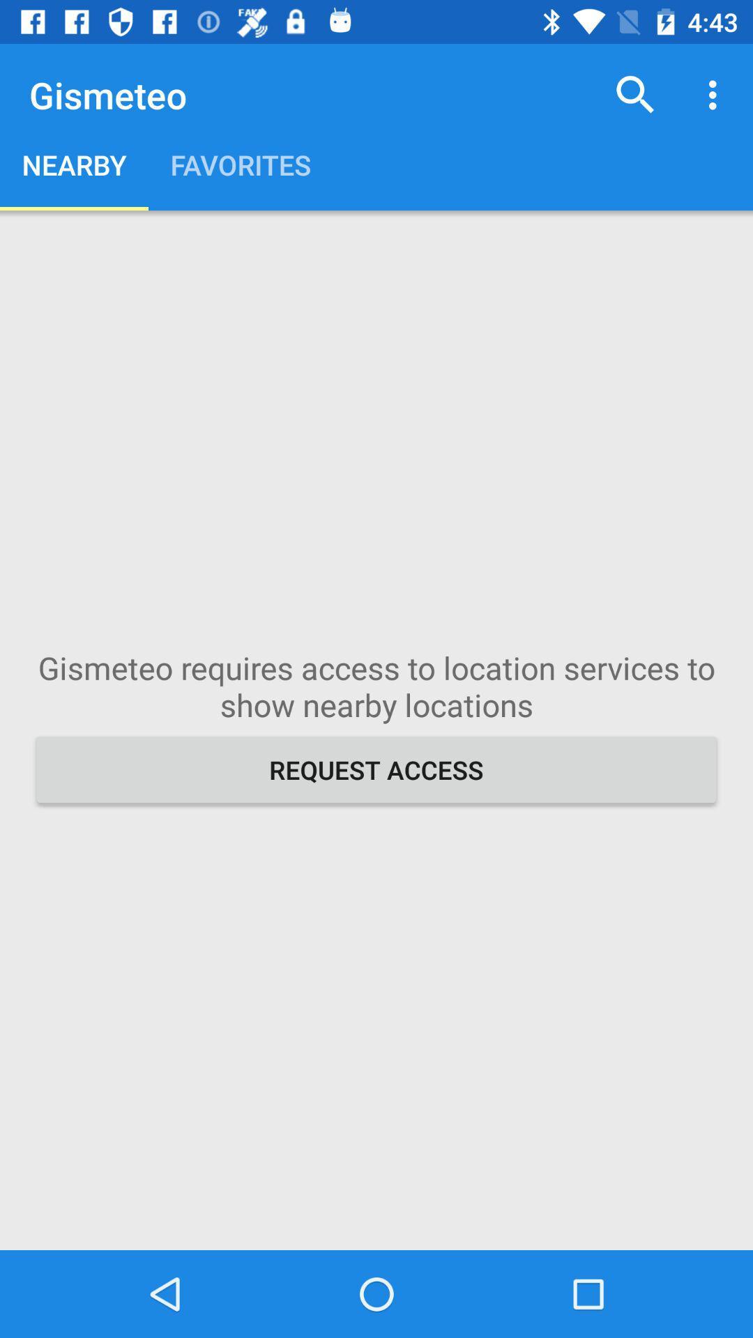 Image resolution: width=753 pixels, height=1338 pixels. Describe the element at coordinates (376, 769) in the screenshot. I see `the request access item` at that location.